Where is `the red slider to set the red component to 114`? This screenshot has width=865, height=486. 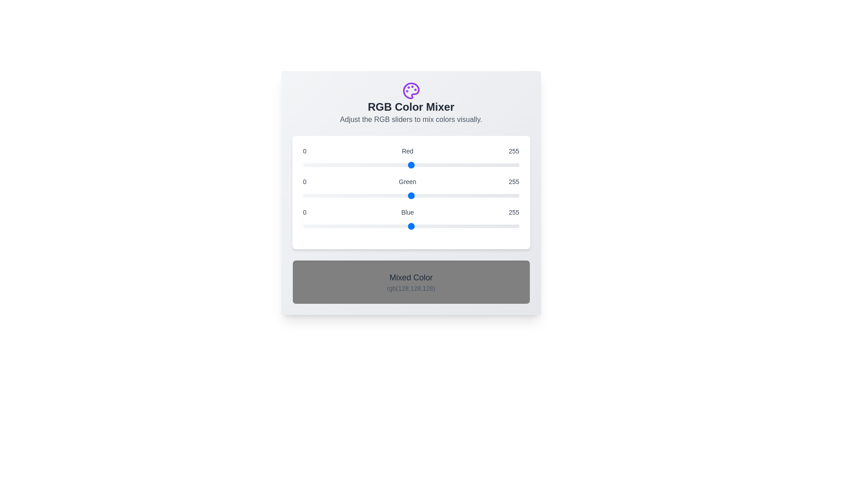 the red slider to set the red component to 114 is located at coordinates (399, 165).